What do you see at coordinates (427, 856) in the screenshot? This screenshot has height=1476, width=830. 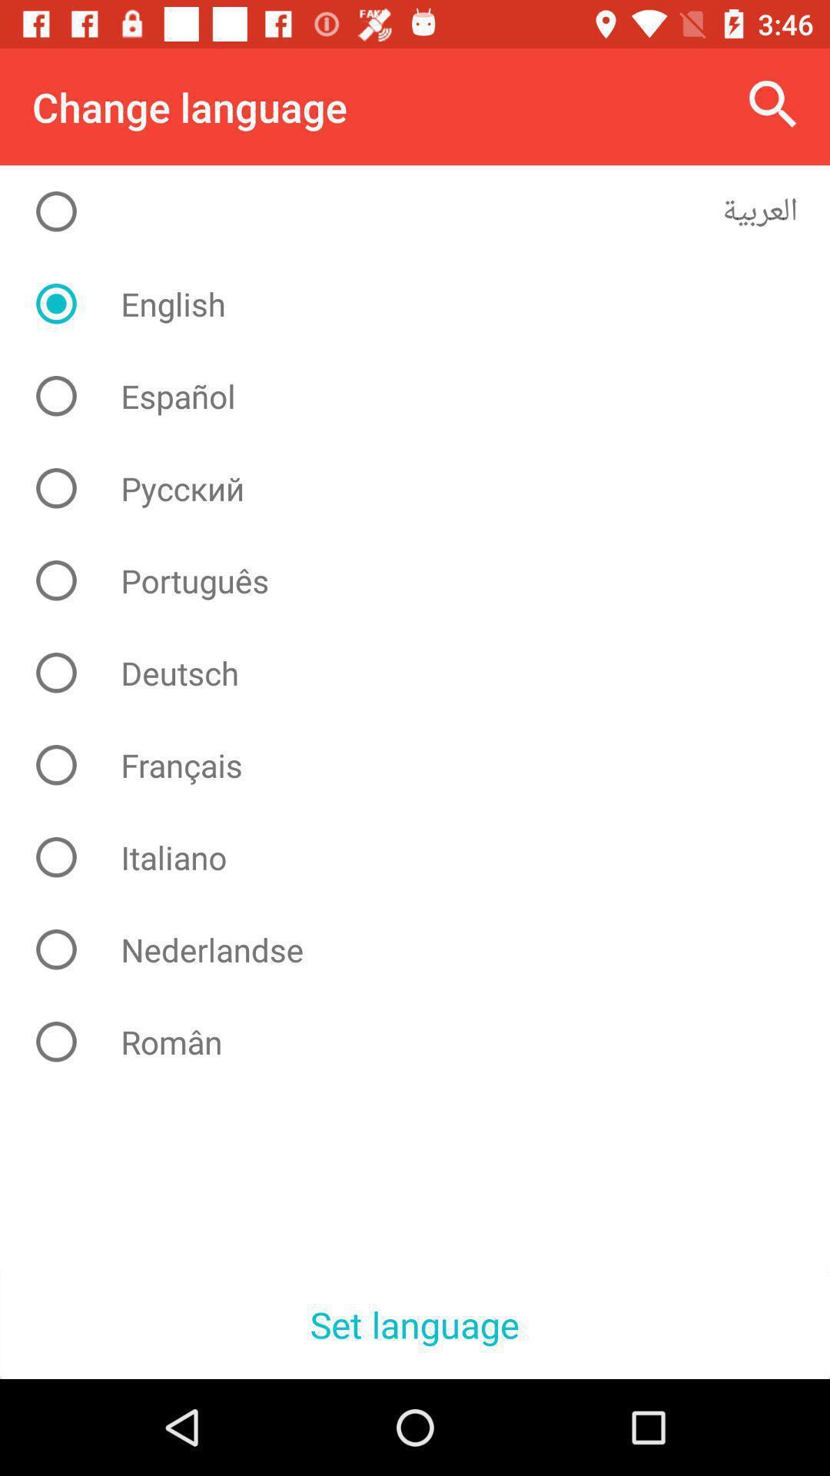 I see `the item above nederlandse` at bounding box center [427, 856].